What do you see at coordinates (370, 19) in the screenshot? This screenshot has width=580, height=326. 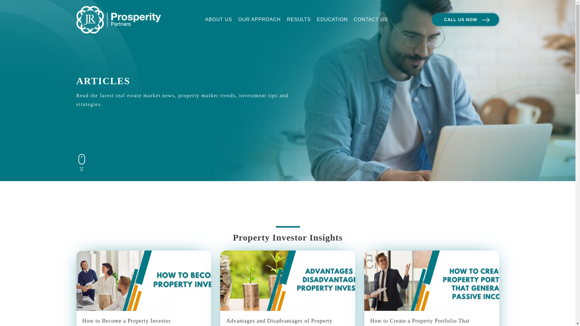 I see `'CONTACT US'` at bounding box center [370, 19].